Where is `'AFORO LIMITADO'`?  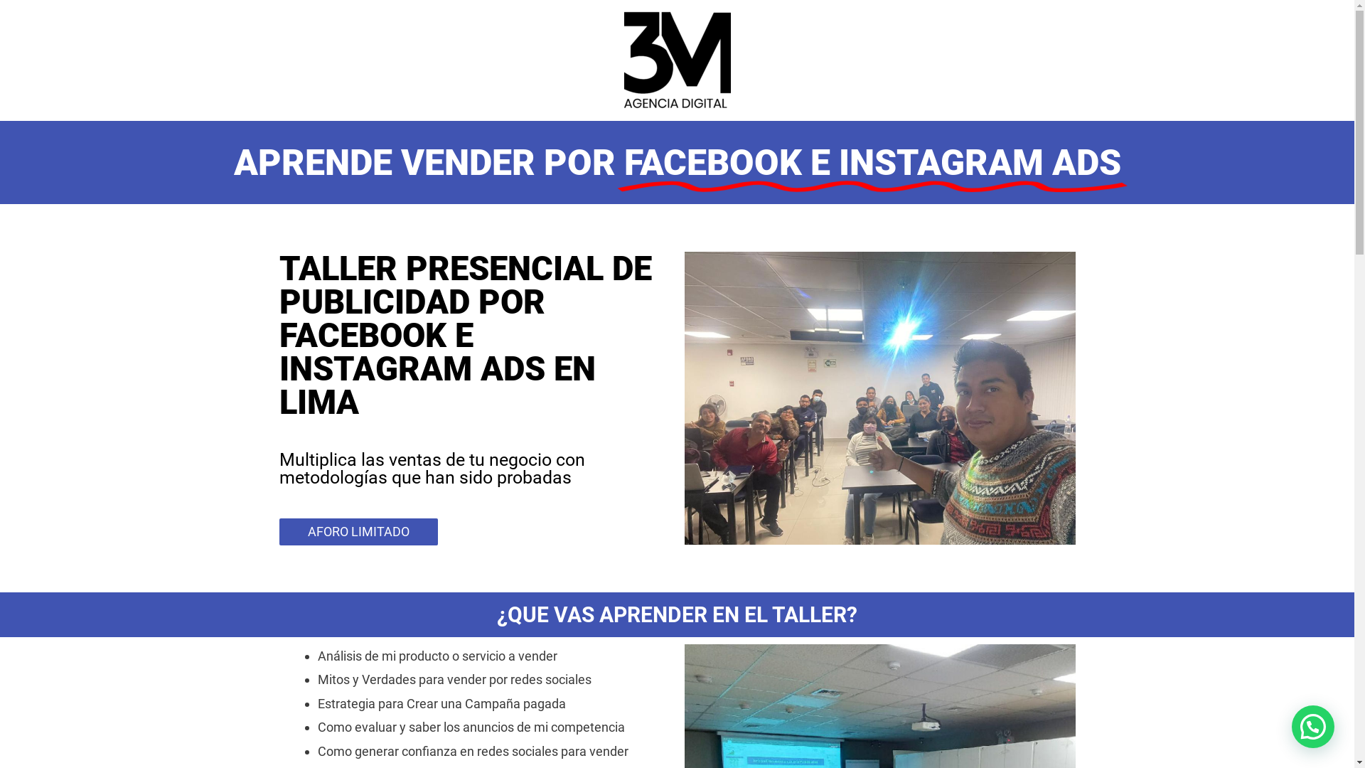 'AFORO LIMITADO' is located at coordinates (358, 531).